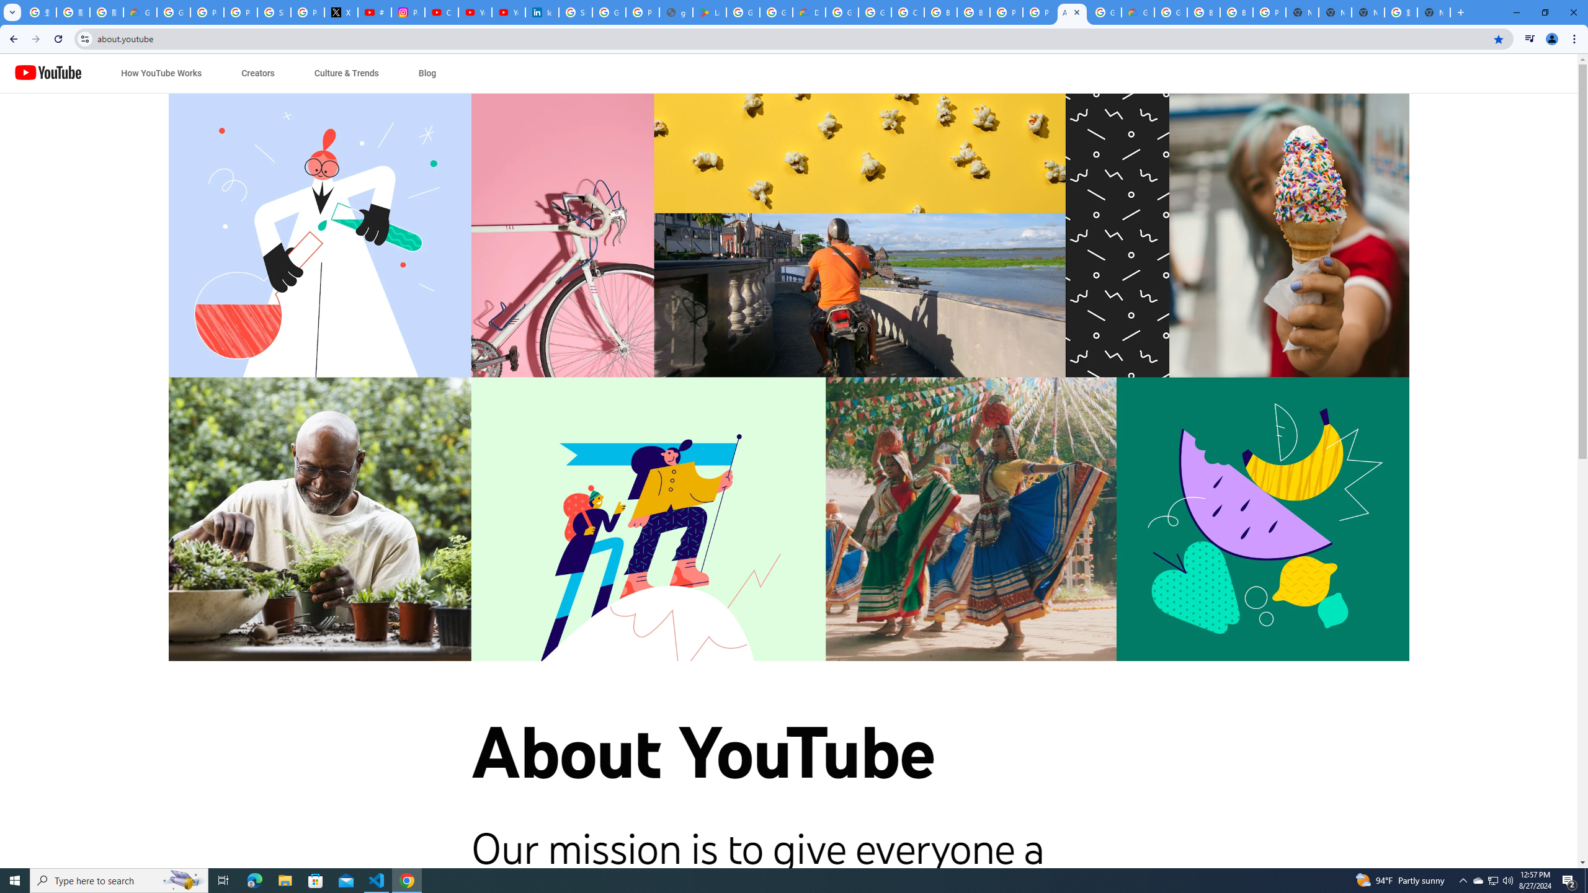 This screenshot has width=1588, height=893. What do you see at coordinates (427, 73) in the screenshot?
I see `'Blog'` at bounding box center [427, 73].